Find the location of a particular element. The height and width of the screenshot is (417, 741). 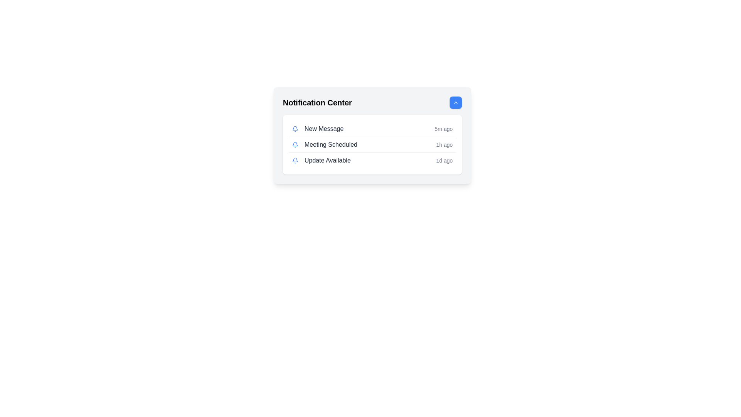

the second notification in the Notification Center labeled 'Meeting Scheduled', which is located below 'New Message' and above 'Update Available' is located at coordinates (372, 144).